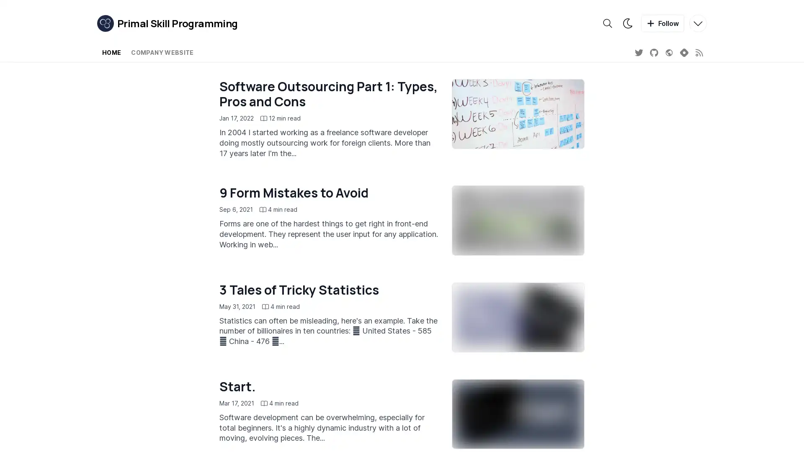 The image size is (804, 452). What do you see at coordinates (607, 23) in the screenshot?
I see `Search the blog` at bounding box center [607, 23].